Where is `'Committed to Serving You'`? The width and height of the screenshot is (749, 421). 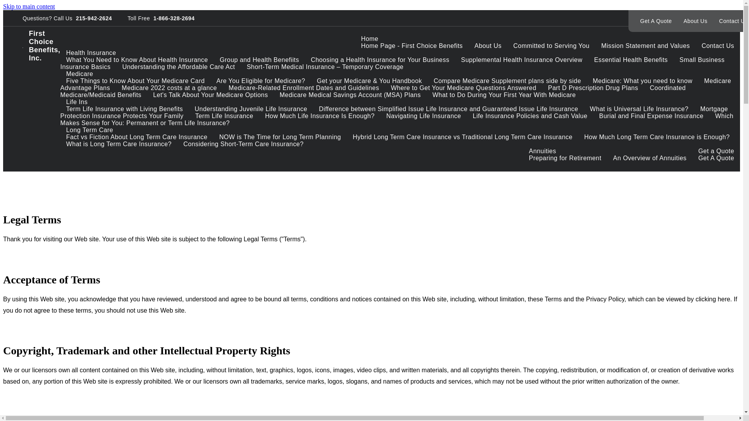 'Committed to Serving You' is located at coordinates (551, 46).